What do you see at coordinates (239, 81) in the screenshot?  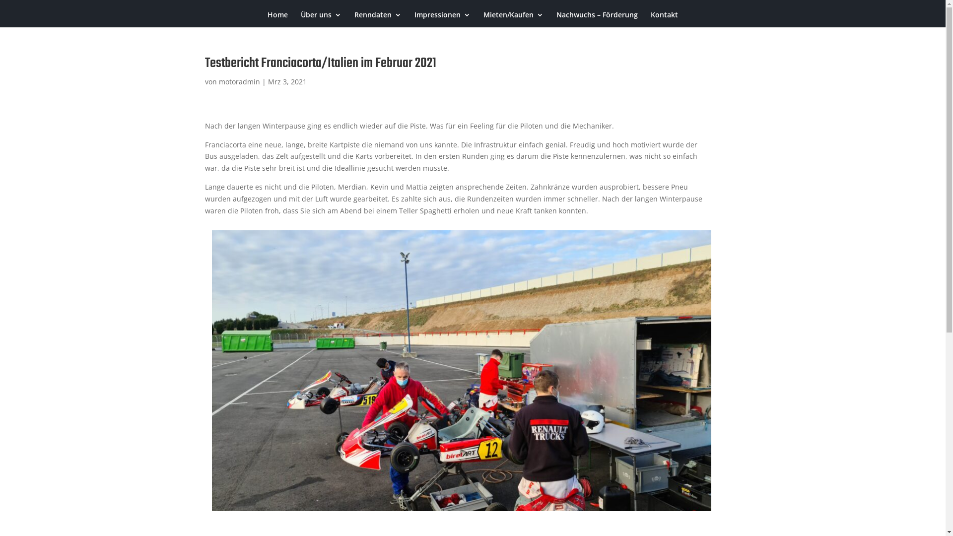 I see `'motoradmin'` at bounding box center [239, 81].